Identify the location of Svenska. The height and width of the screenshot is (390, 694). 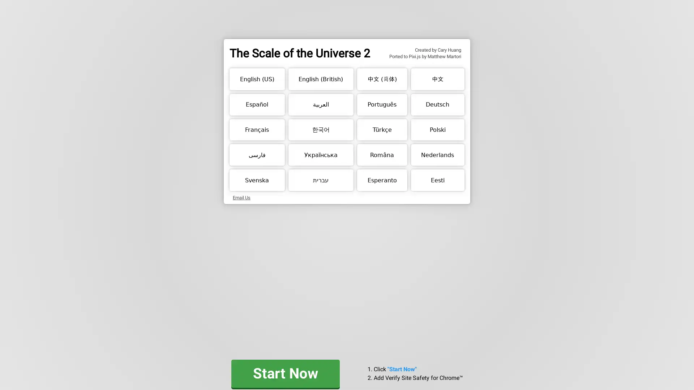
(257, 179).